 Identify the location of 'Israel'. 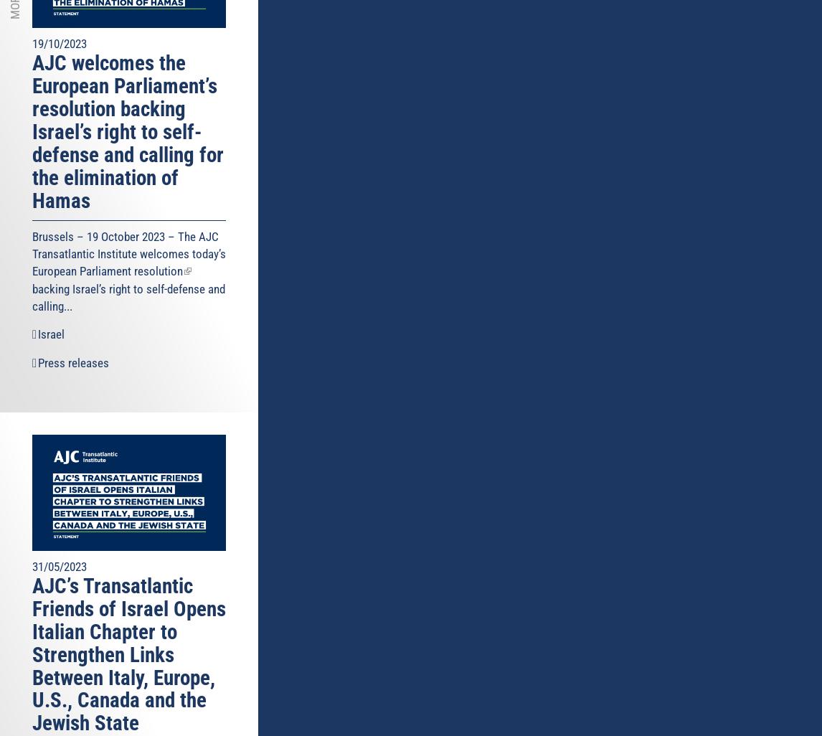
(51, 334).